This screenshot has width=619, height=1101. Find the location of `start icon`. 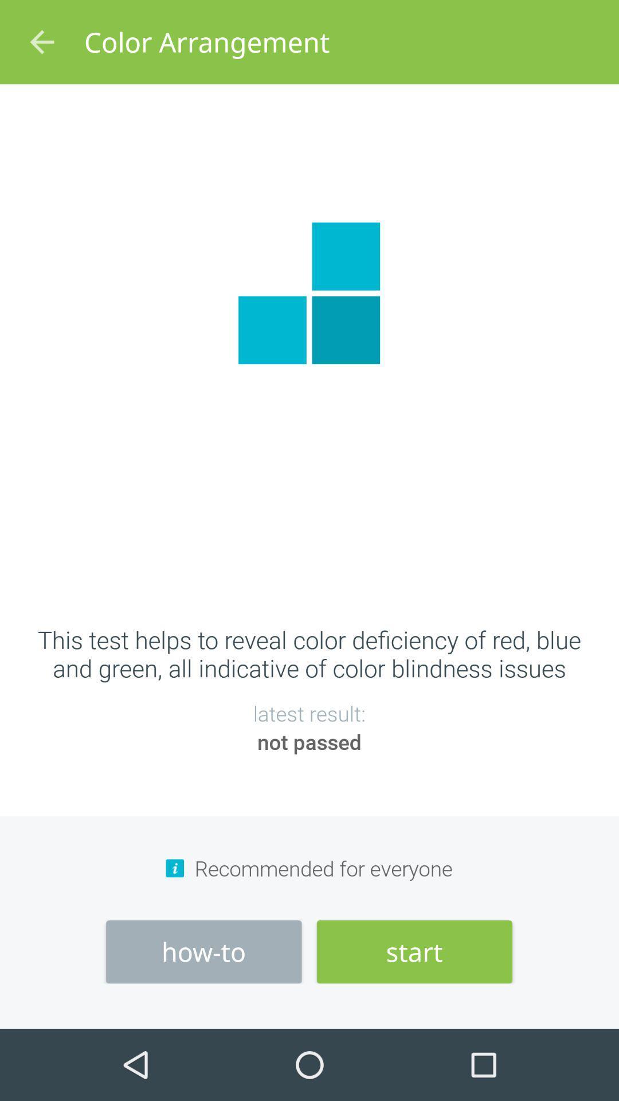

start icon is located at coordinates (414, 952).